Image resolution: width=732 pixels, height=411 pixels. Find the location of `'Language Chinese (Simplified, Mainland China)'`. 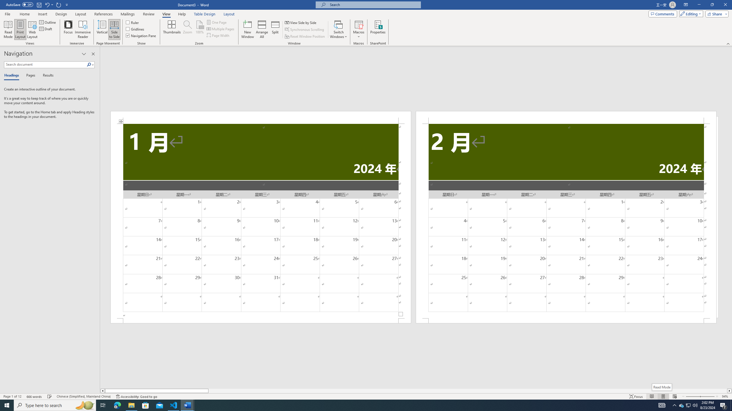

'Language Chinese (Simplified, Mainland China)' is located at coordinates (83, 396).